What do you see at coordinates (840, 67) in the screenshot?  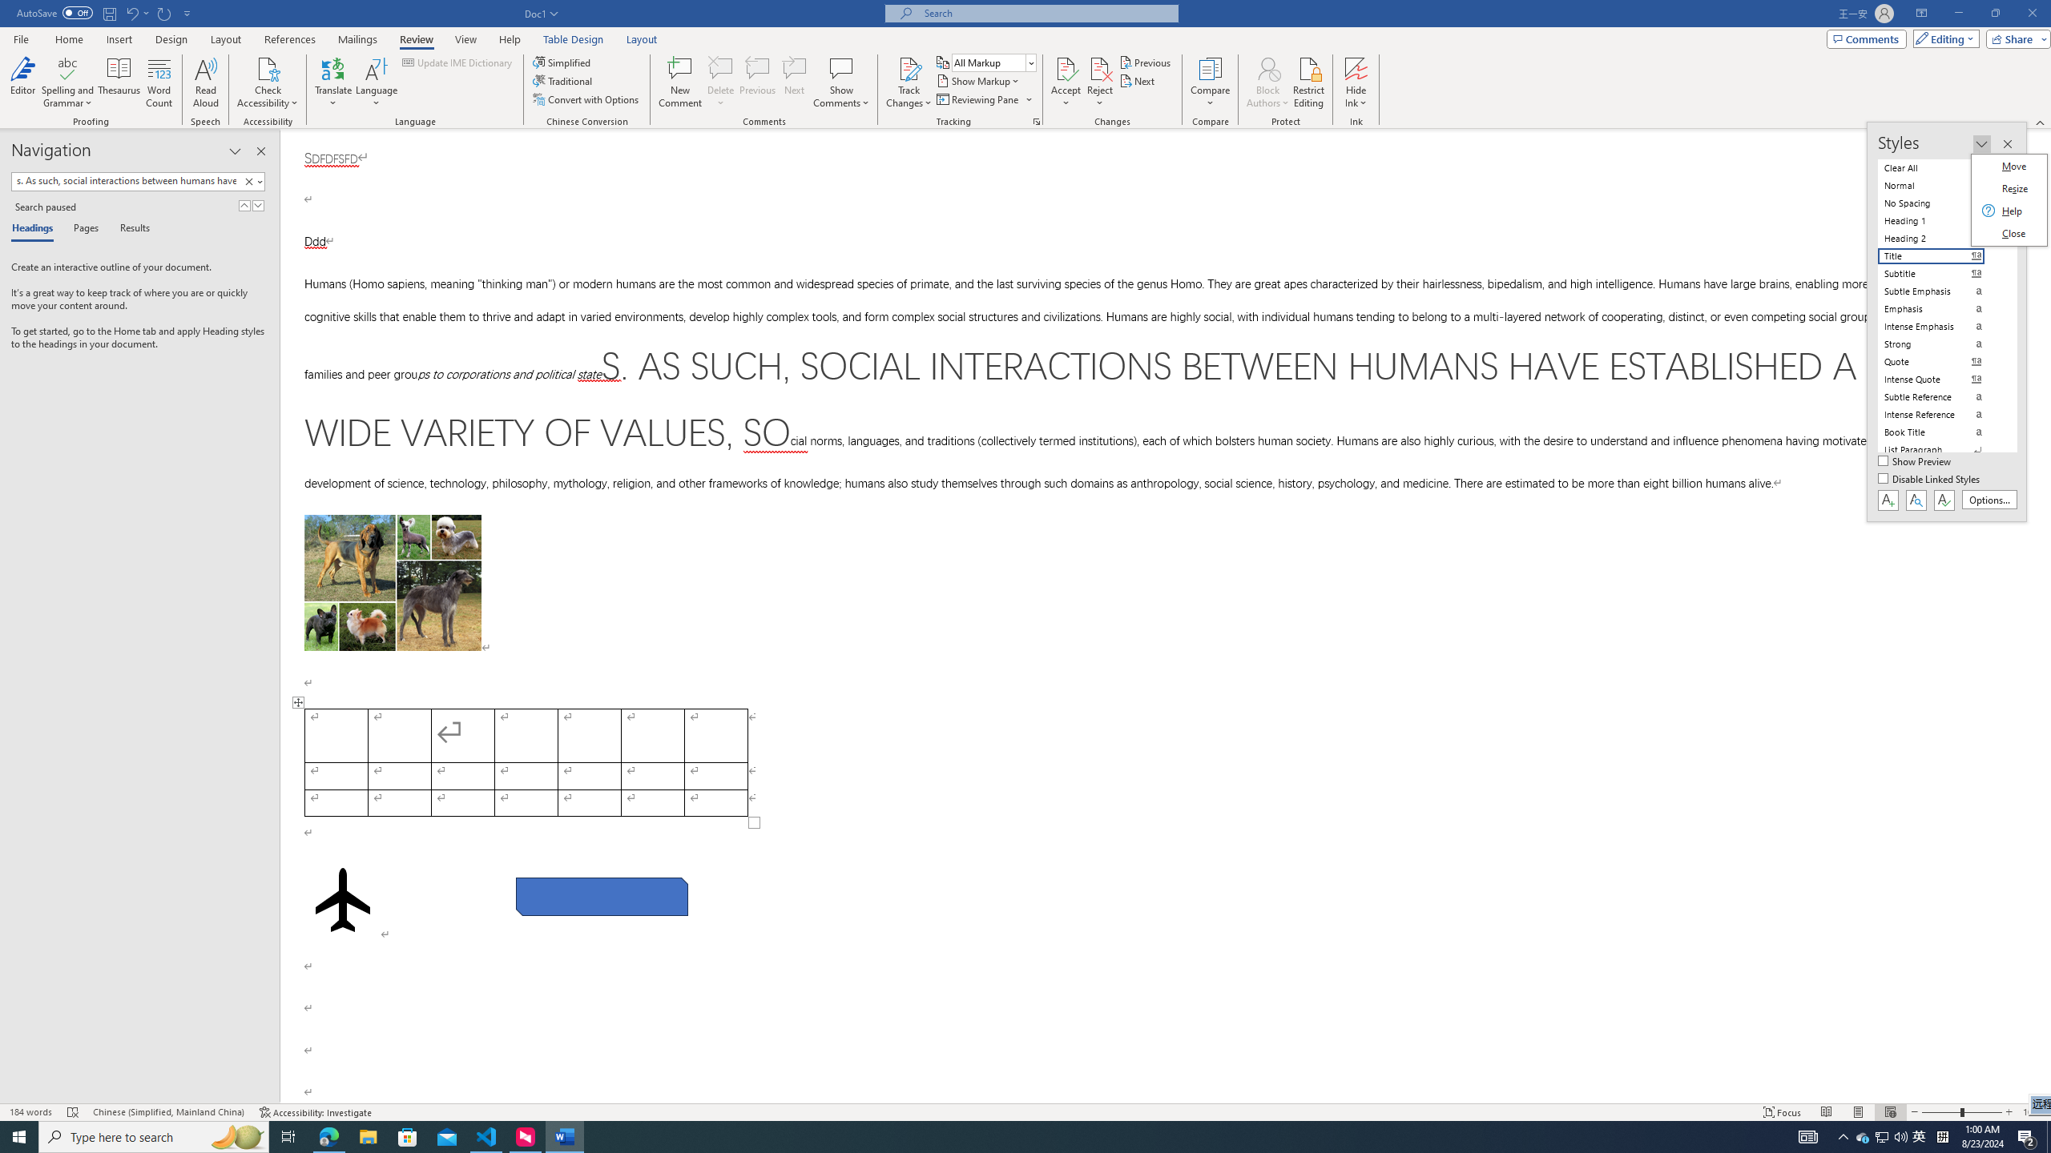 I see `'Show Comments'` at bounding box center [840, 67].